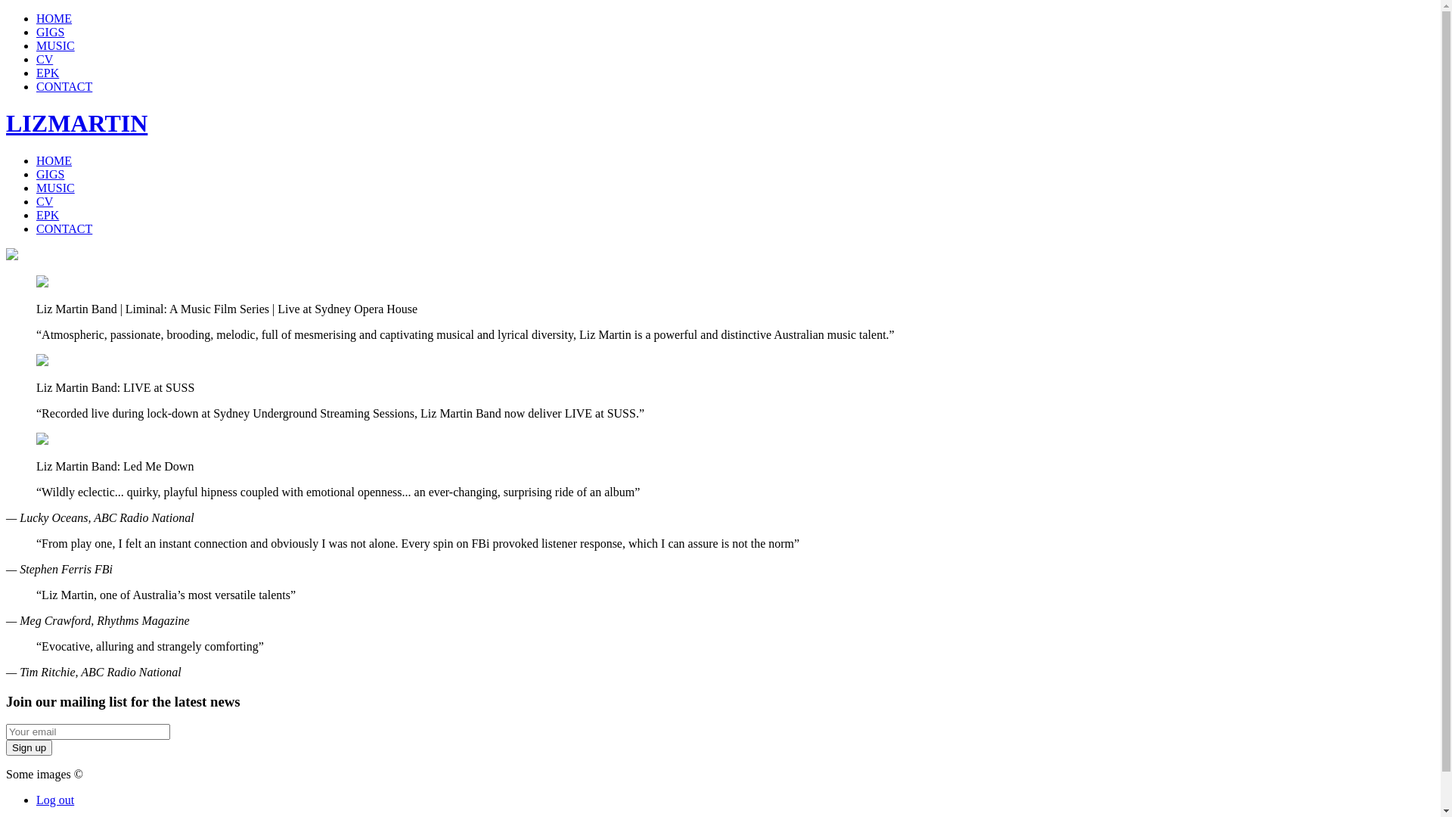 The width and height of the screenshot is (1452, 817). Describe the element at coordinates (44, 200) in the screenshot. I see `'CV'` at that location.